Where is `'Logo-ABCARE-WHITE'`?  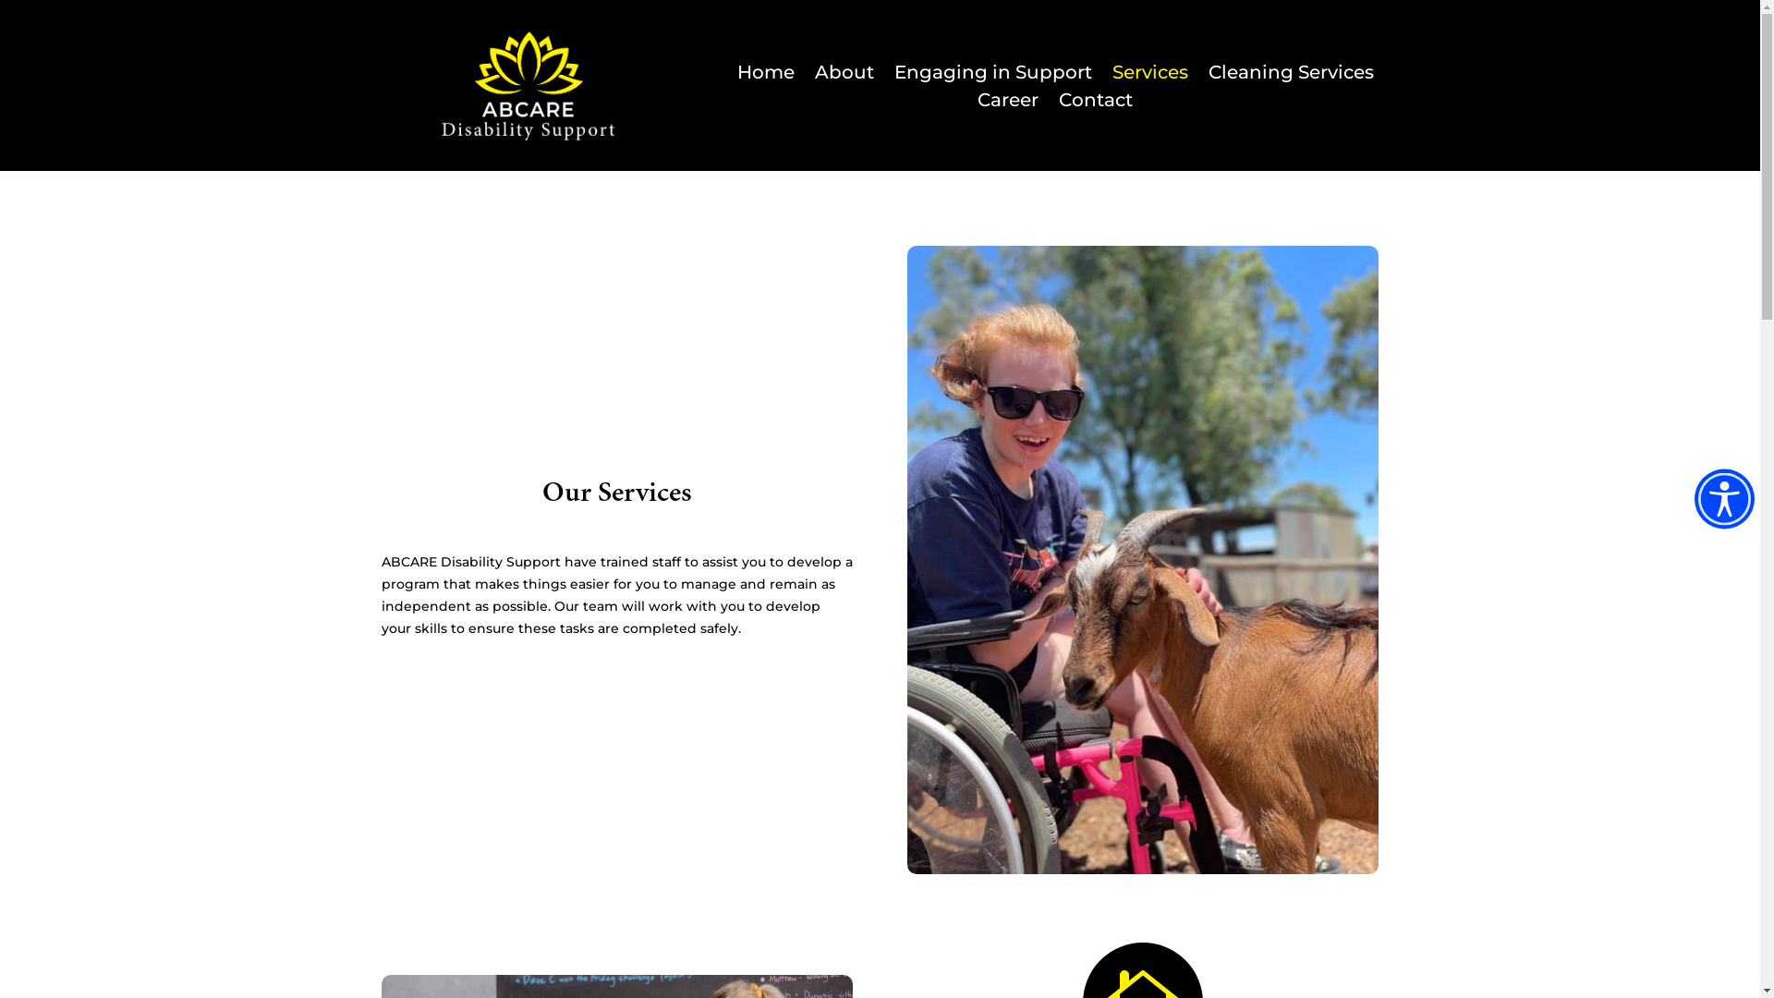 'Logo-ABCARE-WHITE' is located at coordinates (528, 85).